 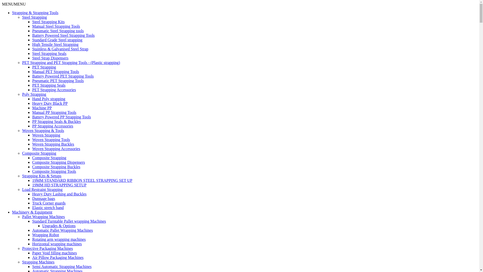 What do you see at coordinates (61, 117) in the screenshot?
I see `'Battery Powered PP Strapping Tools'` at bounding box center [61, 117].